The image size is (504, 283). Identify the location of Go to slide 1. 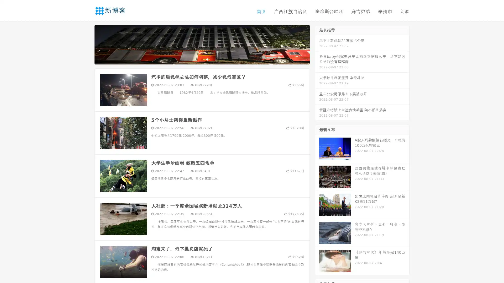
(196, 59).